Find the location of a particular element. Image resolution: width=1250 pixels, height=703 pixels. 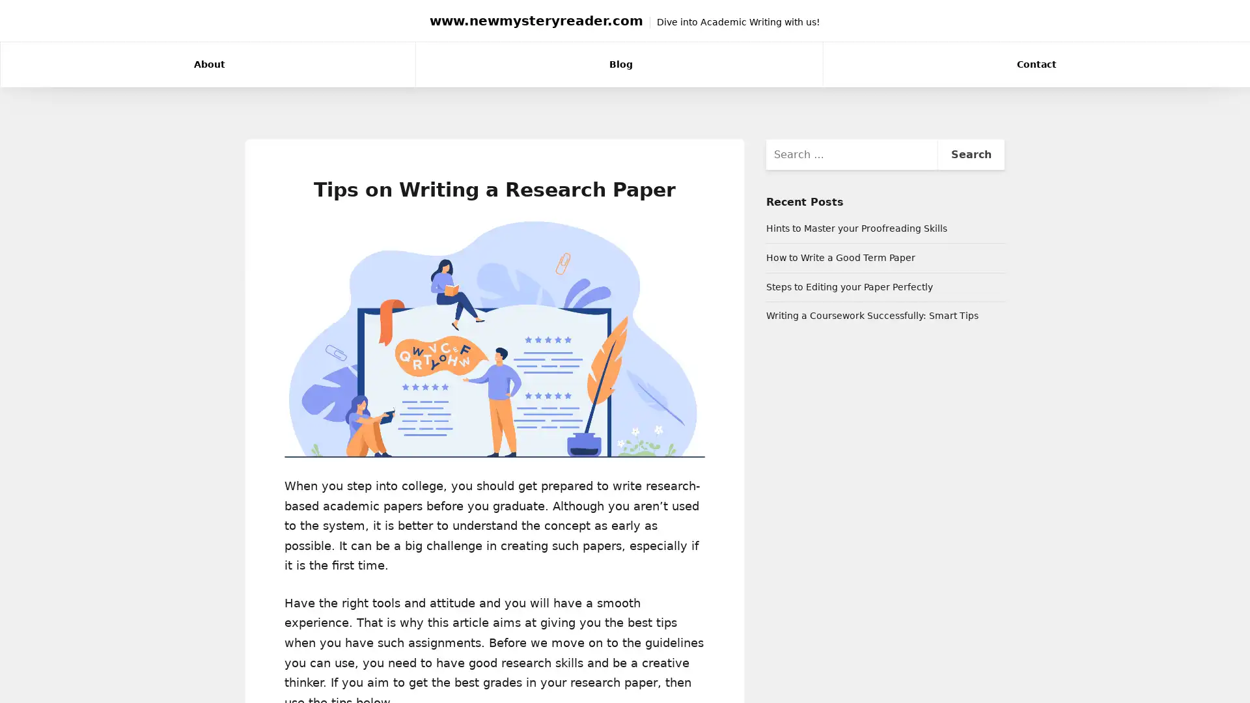

Search is located at coordinates (970, 153).